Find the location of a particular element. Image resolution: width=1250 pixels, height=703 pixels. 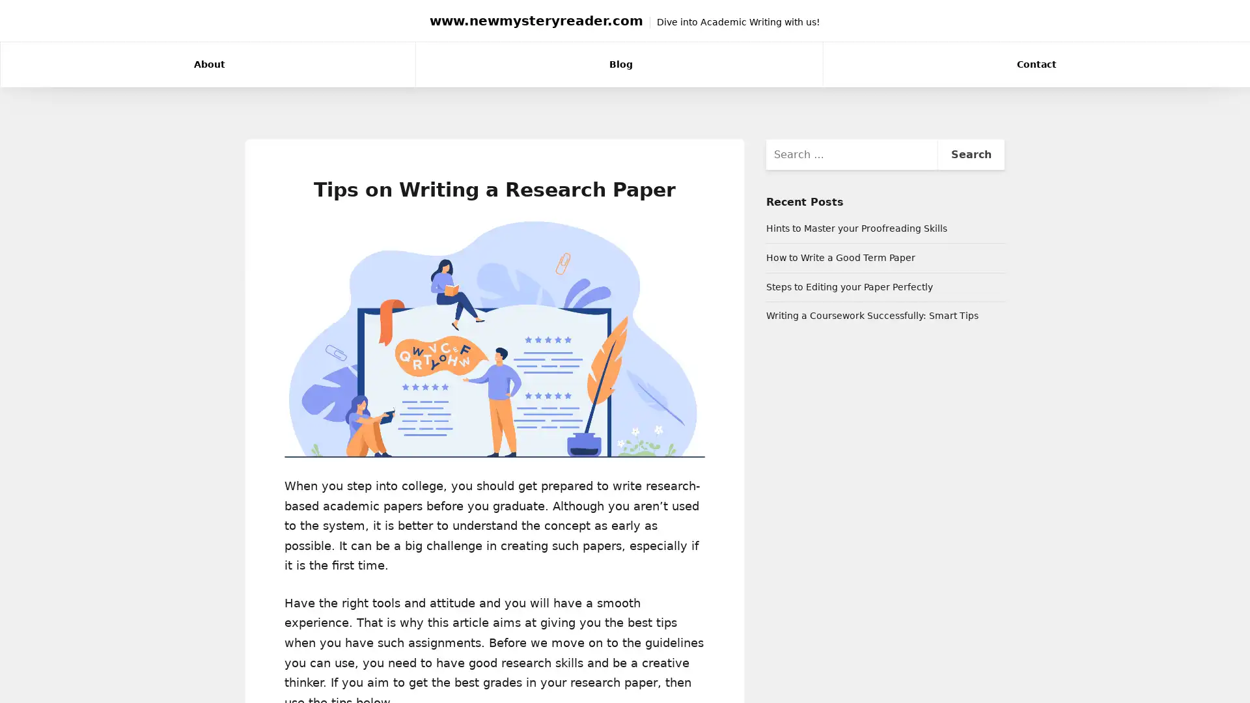

Search is located at coordinates (970, 153).